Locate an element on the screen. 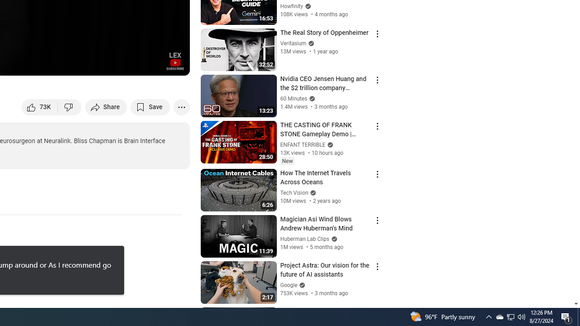  'Verified' is located at coordinates (301, 284).